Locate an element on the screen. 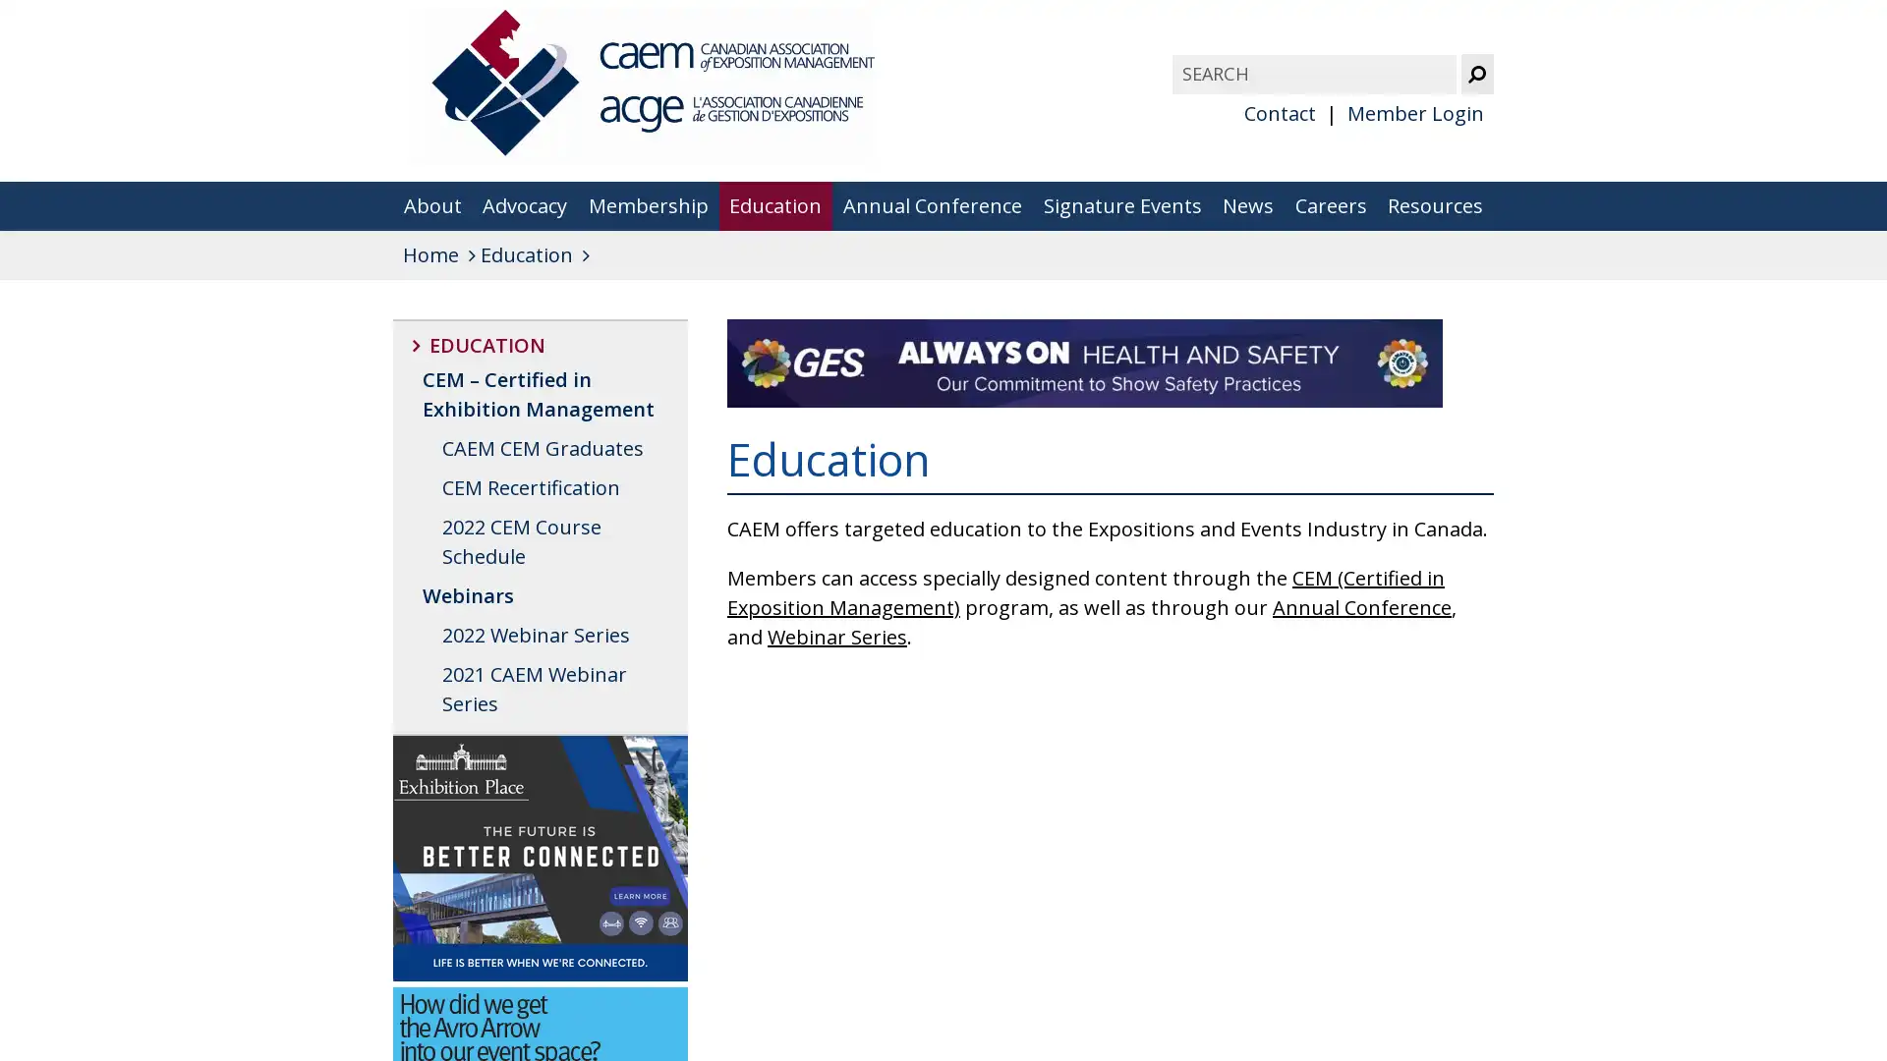 The image size is (1887, 1061). Submit is located at coordinates (1476, 72).